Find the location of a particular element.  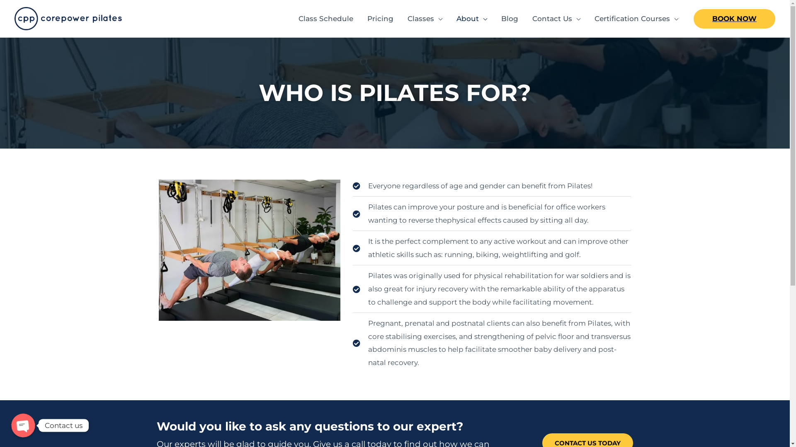

'BOOK NOW' is located at coordinates (694, 19).